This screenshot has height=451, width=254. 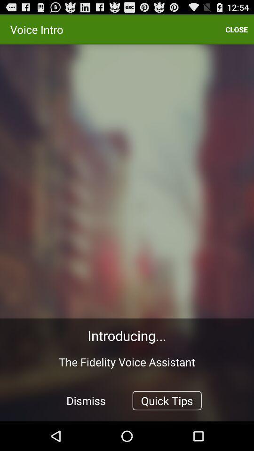 What do you see at coordinates (86, 400) in the screenshot?
I see `the dismiss` at bounding box center [86, 400].